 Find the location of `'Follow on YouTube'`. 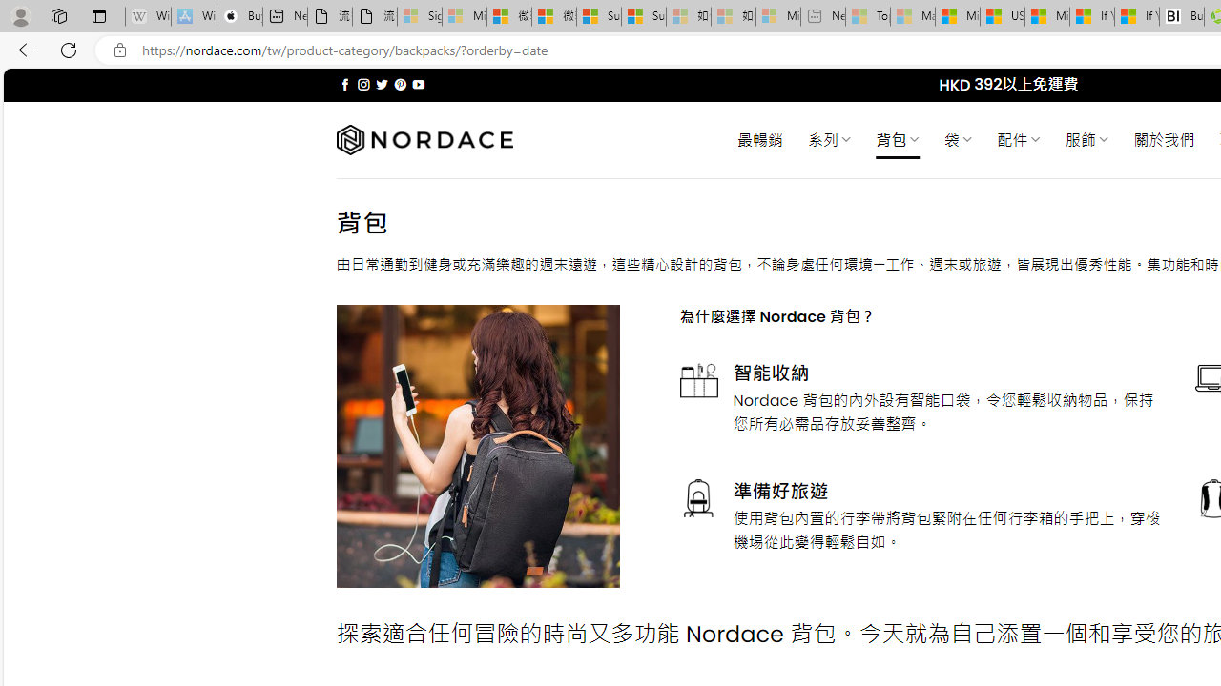

'Follow on YouTube' is located at coordinates (418, 84).